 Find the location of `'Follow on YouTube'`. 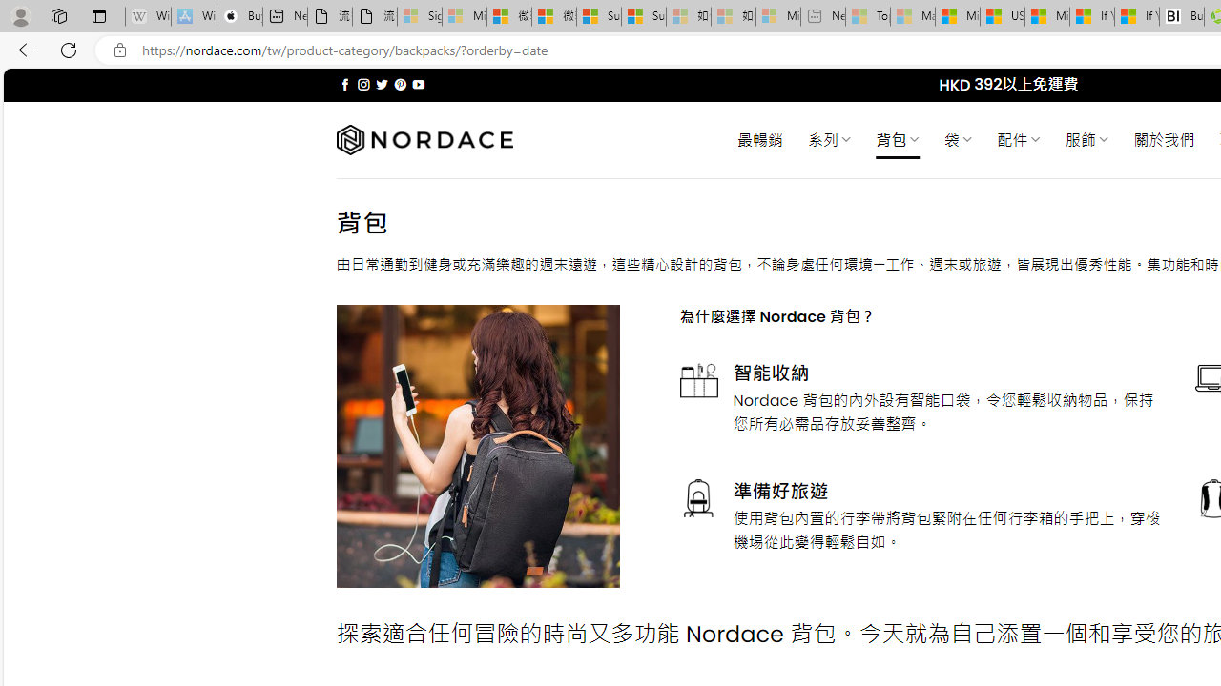

'Follow on YouTube' is located at coordinates (418, 84).